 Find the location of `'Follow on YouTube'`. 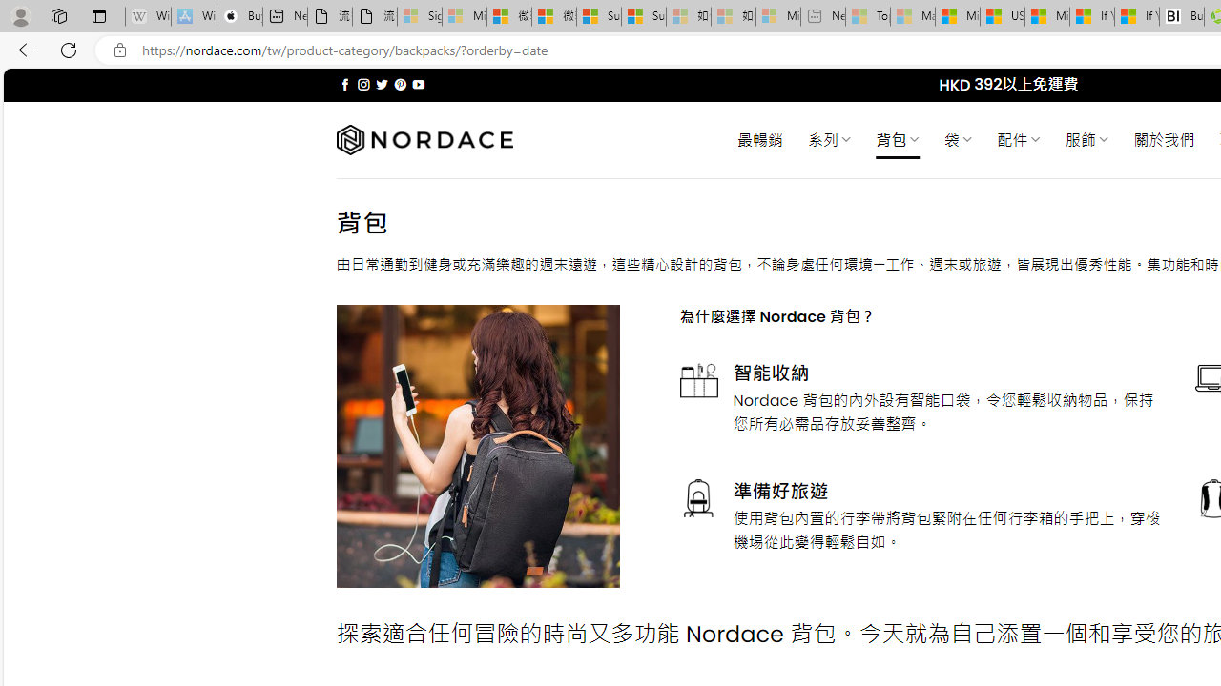

'Follow on YouTube' is located at coordinates (418, 84).